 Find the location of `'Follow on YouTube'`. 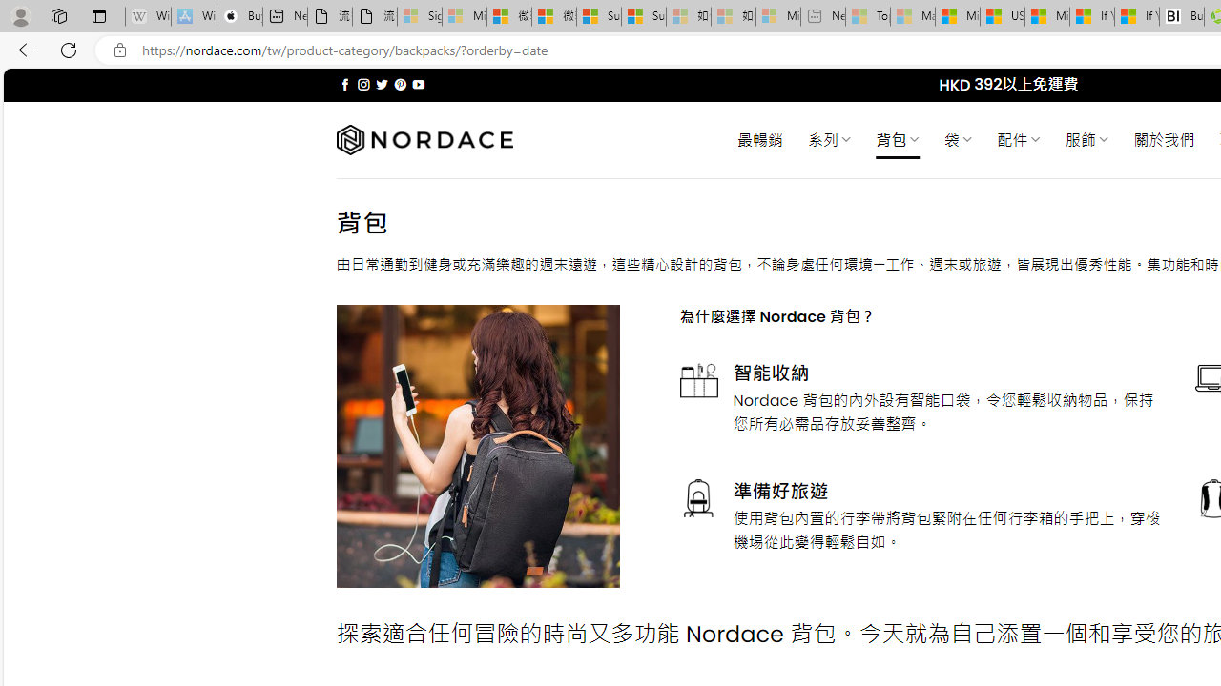

'Follow on YouTube' is located at coordinates (418, 84).